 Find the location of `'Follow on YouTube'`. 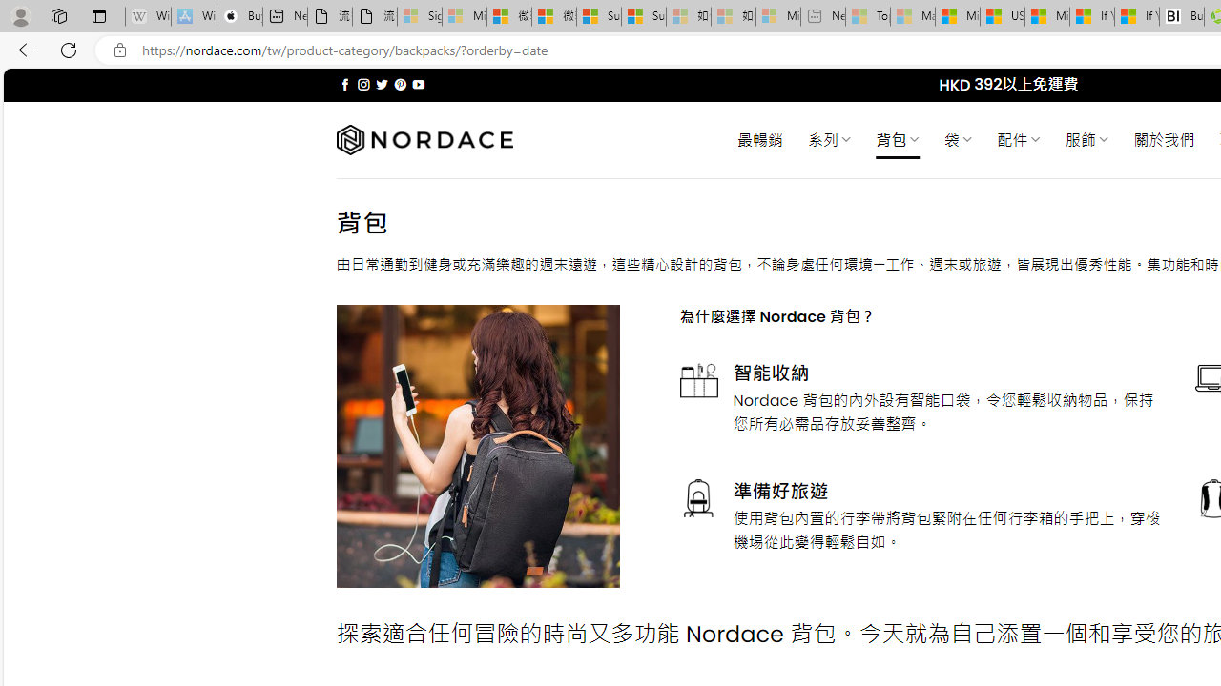

'Follow on YouTube' is located at coordinates (418, 84).